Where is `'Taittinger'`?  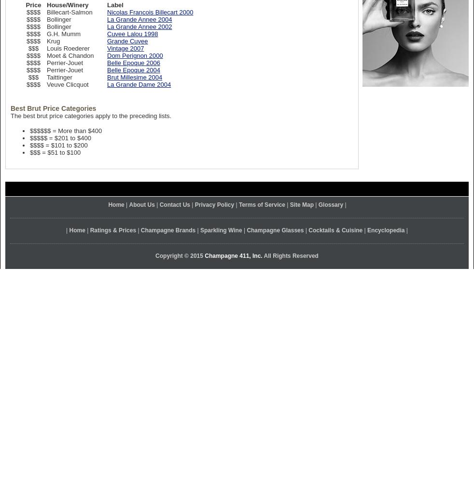
'Taittinger' is located at coordinates (59, 77).